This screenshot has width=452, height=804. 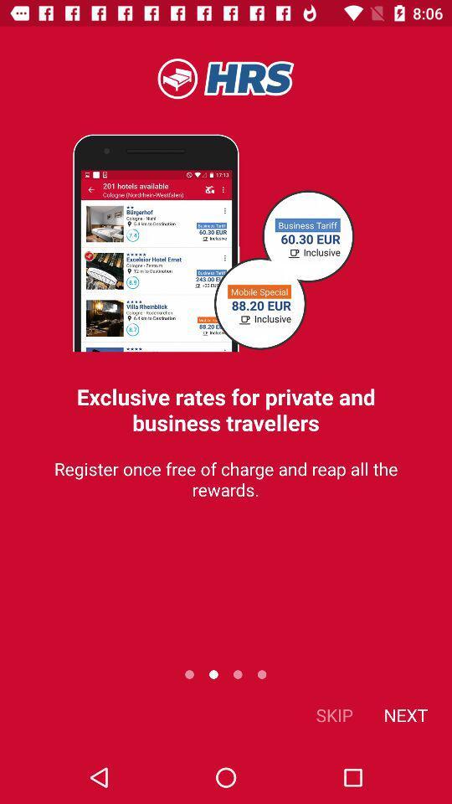 I want to click on item below register once free item, so click(x=404, y=714).